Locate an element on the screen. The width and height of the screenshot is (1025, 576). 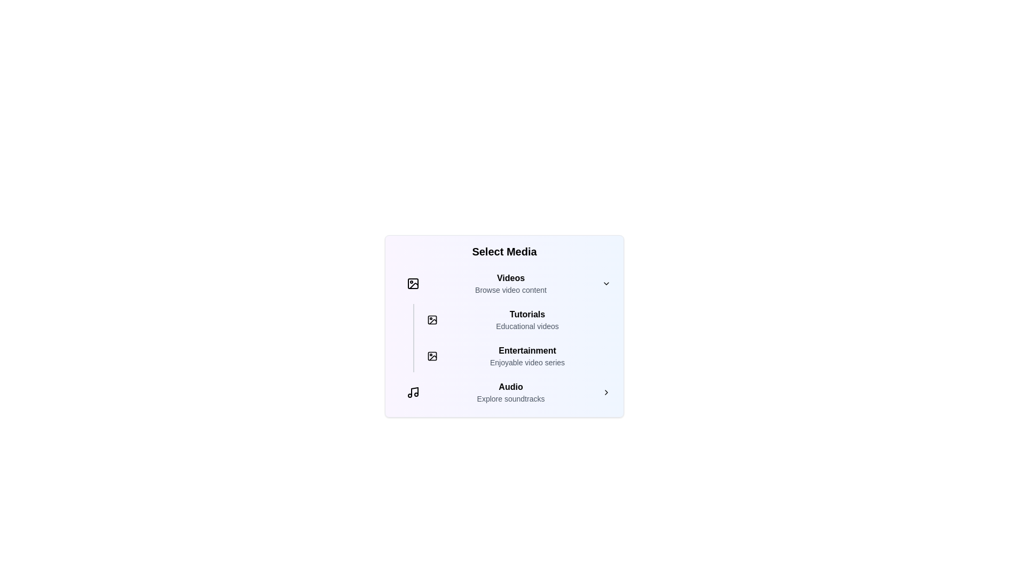
the 'Tutorials' category option, which is the second entry in the list under 'Select Media', located between 'Videos' and 'Entertainment' is located at coordinates (508, 319).